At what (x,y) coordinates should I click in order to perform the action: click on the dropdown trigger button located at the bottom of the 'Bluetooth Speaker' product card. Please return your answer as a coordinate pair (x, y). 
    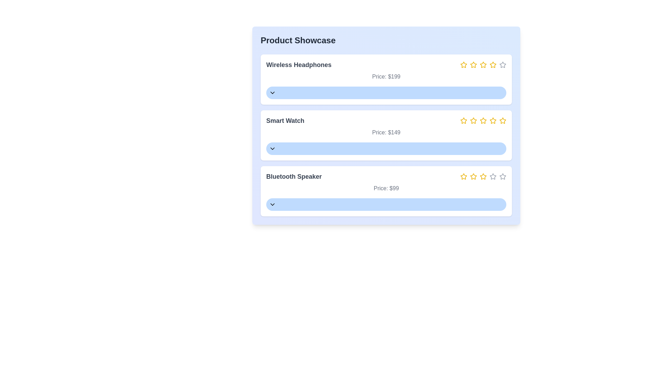
    Looking at the image, I should click on (386, 204).